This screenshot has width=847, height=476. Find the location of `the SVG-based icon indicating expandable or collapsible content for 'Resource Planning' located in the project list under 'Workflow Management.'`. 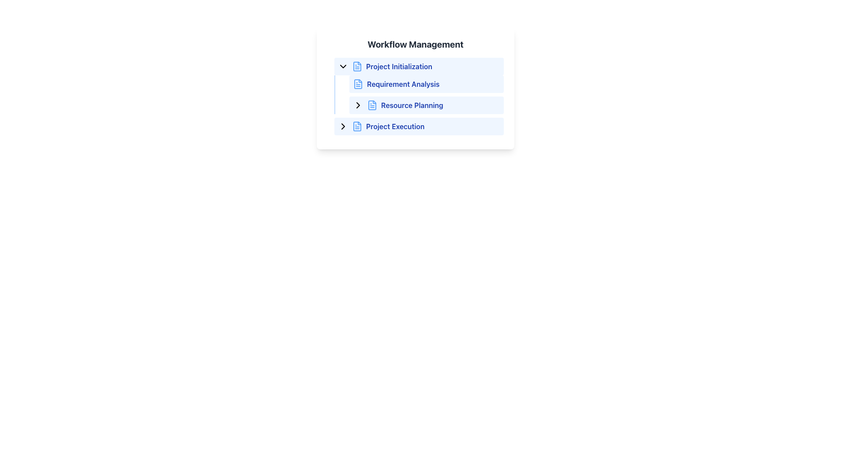

the SVG-based icon indicating expandable or collapsible content for 'Resource Planning' located in the project list under 'Workflow Management.' is located at coordinates (358, 105).